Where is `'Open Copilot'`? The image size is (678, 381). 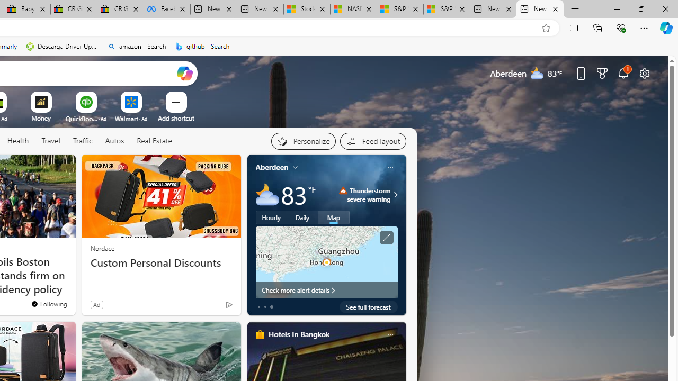
'Open Copilot' is located at coordinates (184, 72).